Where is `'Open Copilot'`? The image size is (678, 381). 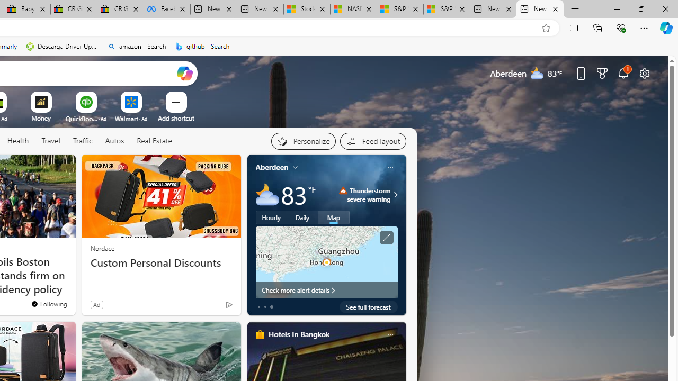
'Open Copilot' is located at coordinates (184, 72).